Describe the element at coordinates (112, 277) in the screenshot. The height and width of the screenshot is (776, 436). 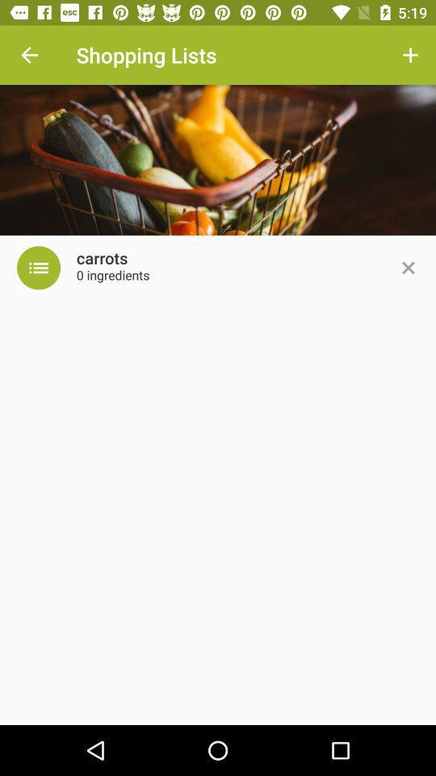
I see `item below the carrots` at that location.